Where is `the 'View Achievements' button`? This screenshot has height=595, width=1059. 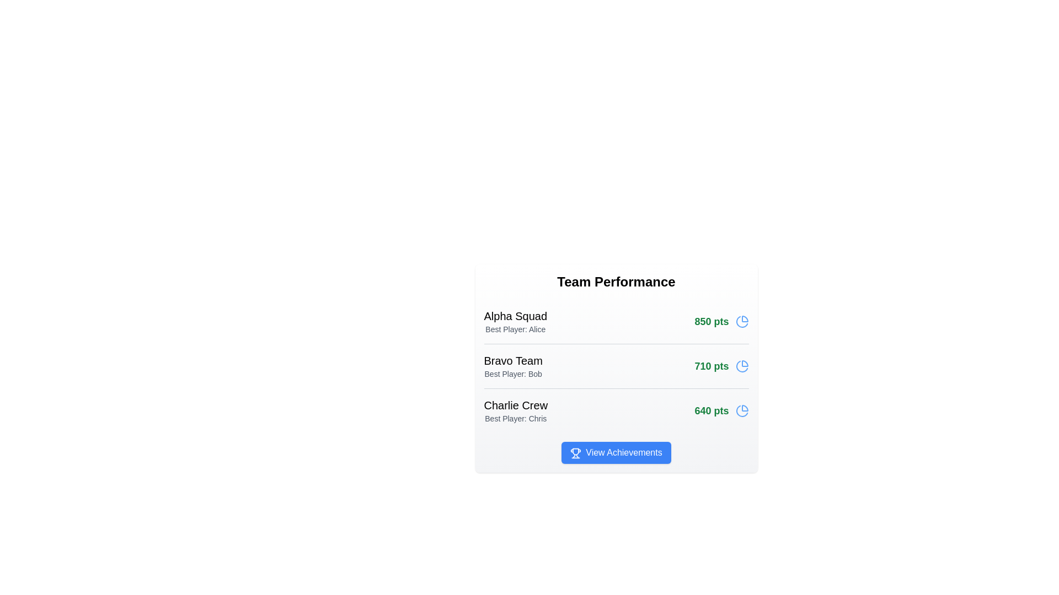 the 'View Achievements' button is located at coordinates (616, 452).